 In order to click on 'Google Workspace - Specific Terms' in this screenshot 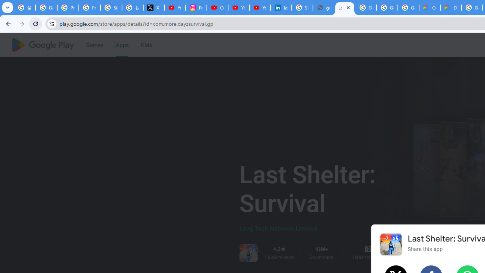, I will do `click(387, 8)`.